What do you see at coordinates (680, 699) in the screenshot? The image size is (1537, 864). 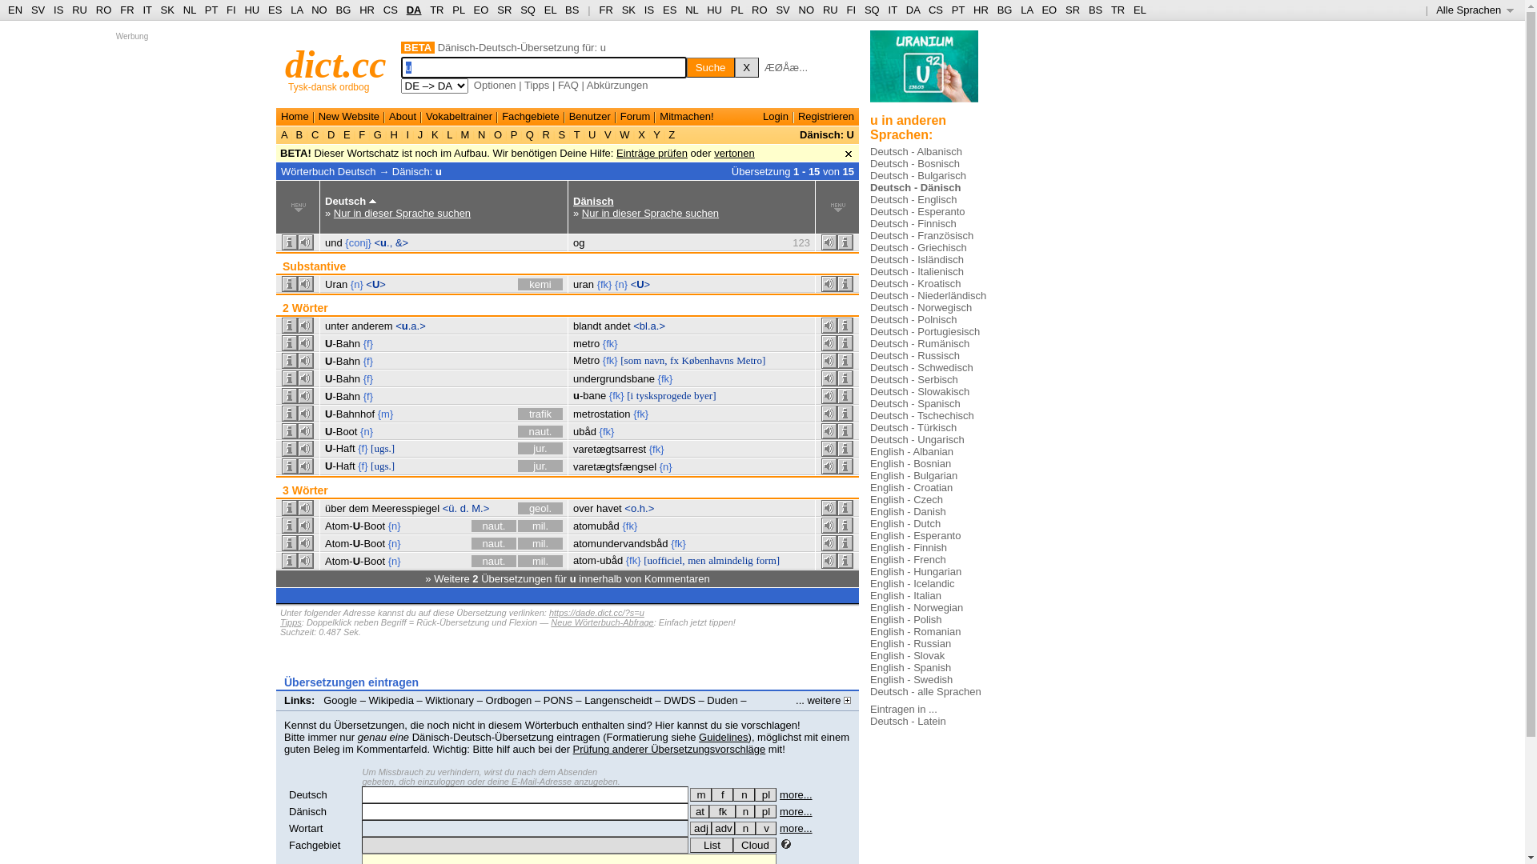 I see `'DWDS'` at bounding box center [680, 699].